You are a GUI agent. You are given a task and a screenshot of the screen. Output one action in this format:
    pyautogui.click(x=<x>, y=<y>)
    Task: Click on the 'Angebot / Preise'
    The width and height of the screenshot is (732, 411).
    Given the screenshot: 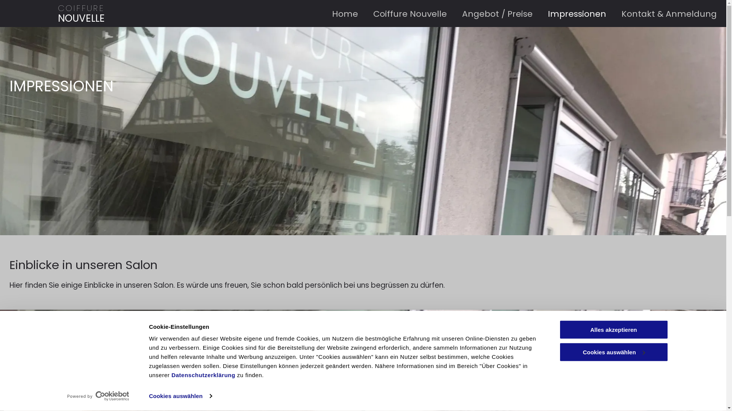 What is the action you would take?
    pyautogui.click(x=490, y=13)
    